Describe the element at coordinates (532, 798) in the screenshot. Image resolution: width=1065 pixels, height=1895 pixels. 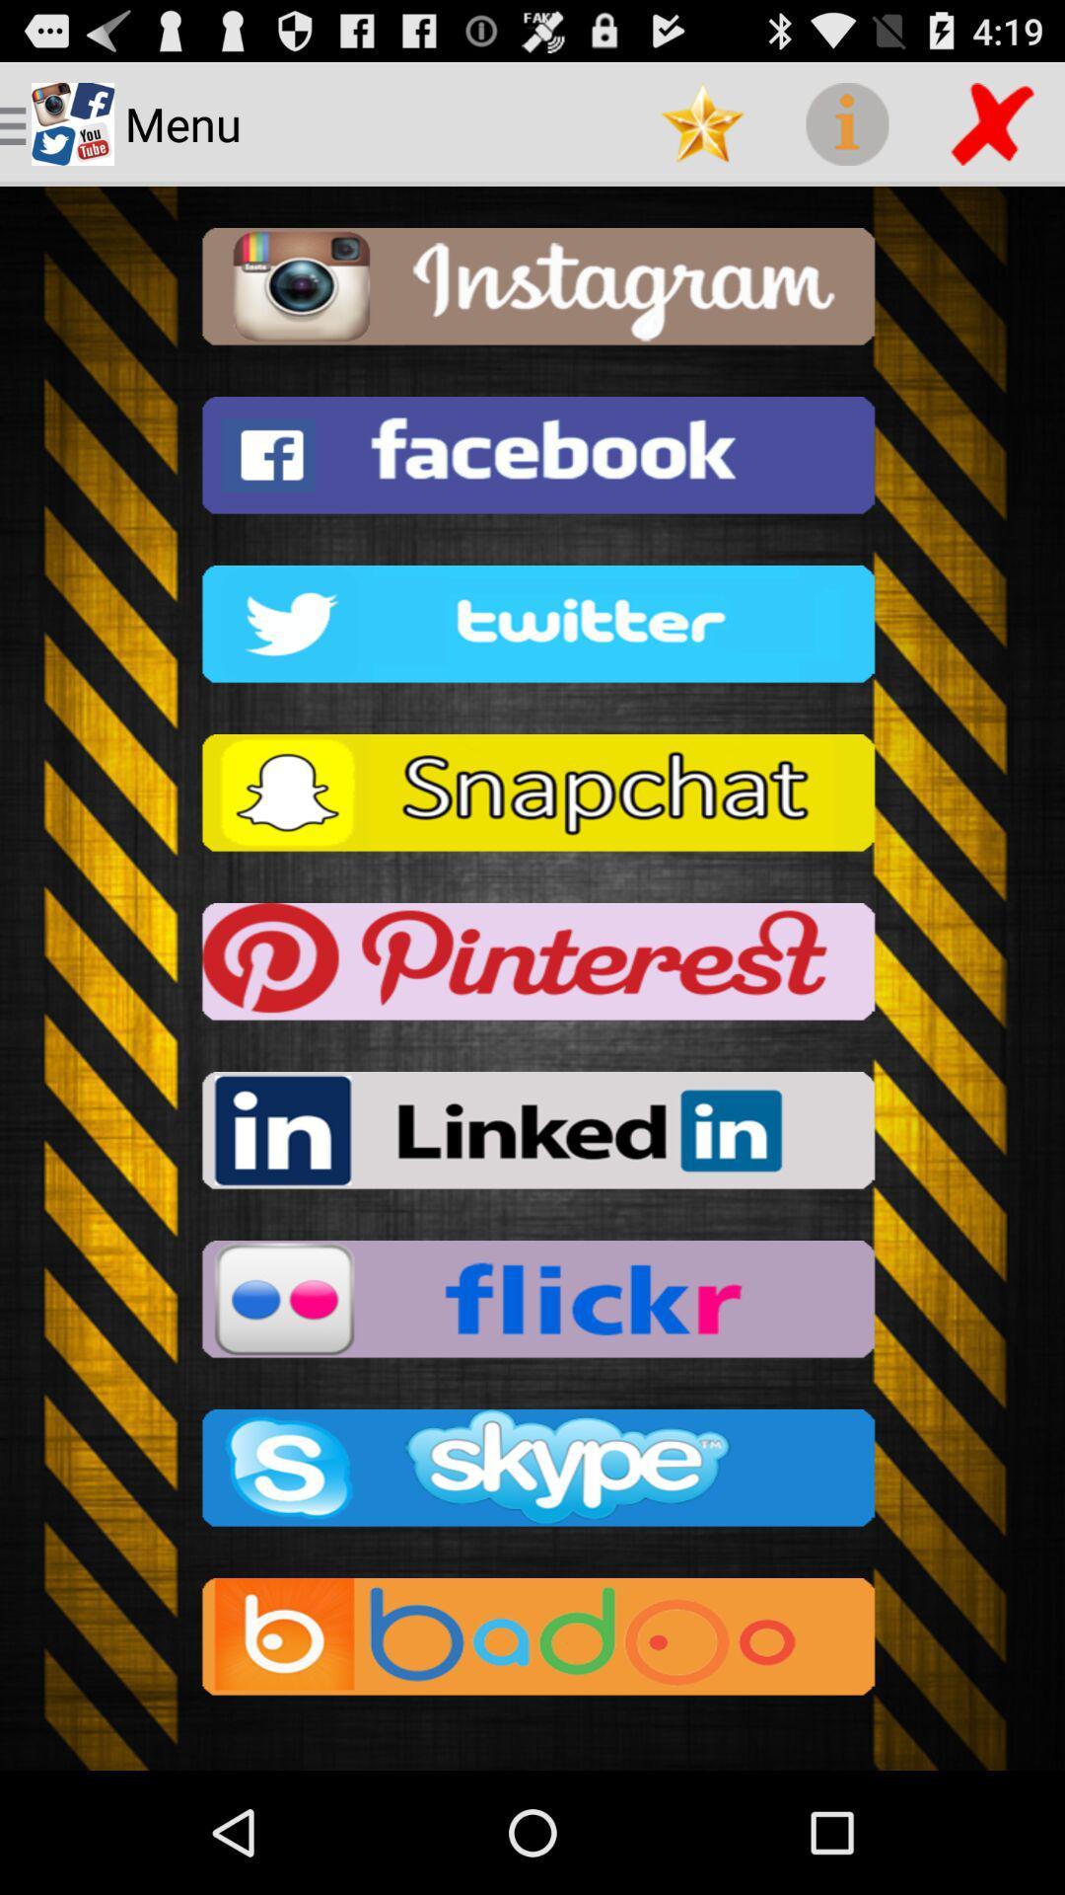
I see `the image below the twitter` at that location.